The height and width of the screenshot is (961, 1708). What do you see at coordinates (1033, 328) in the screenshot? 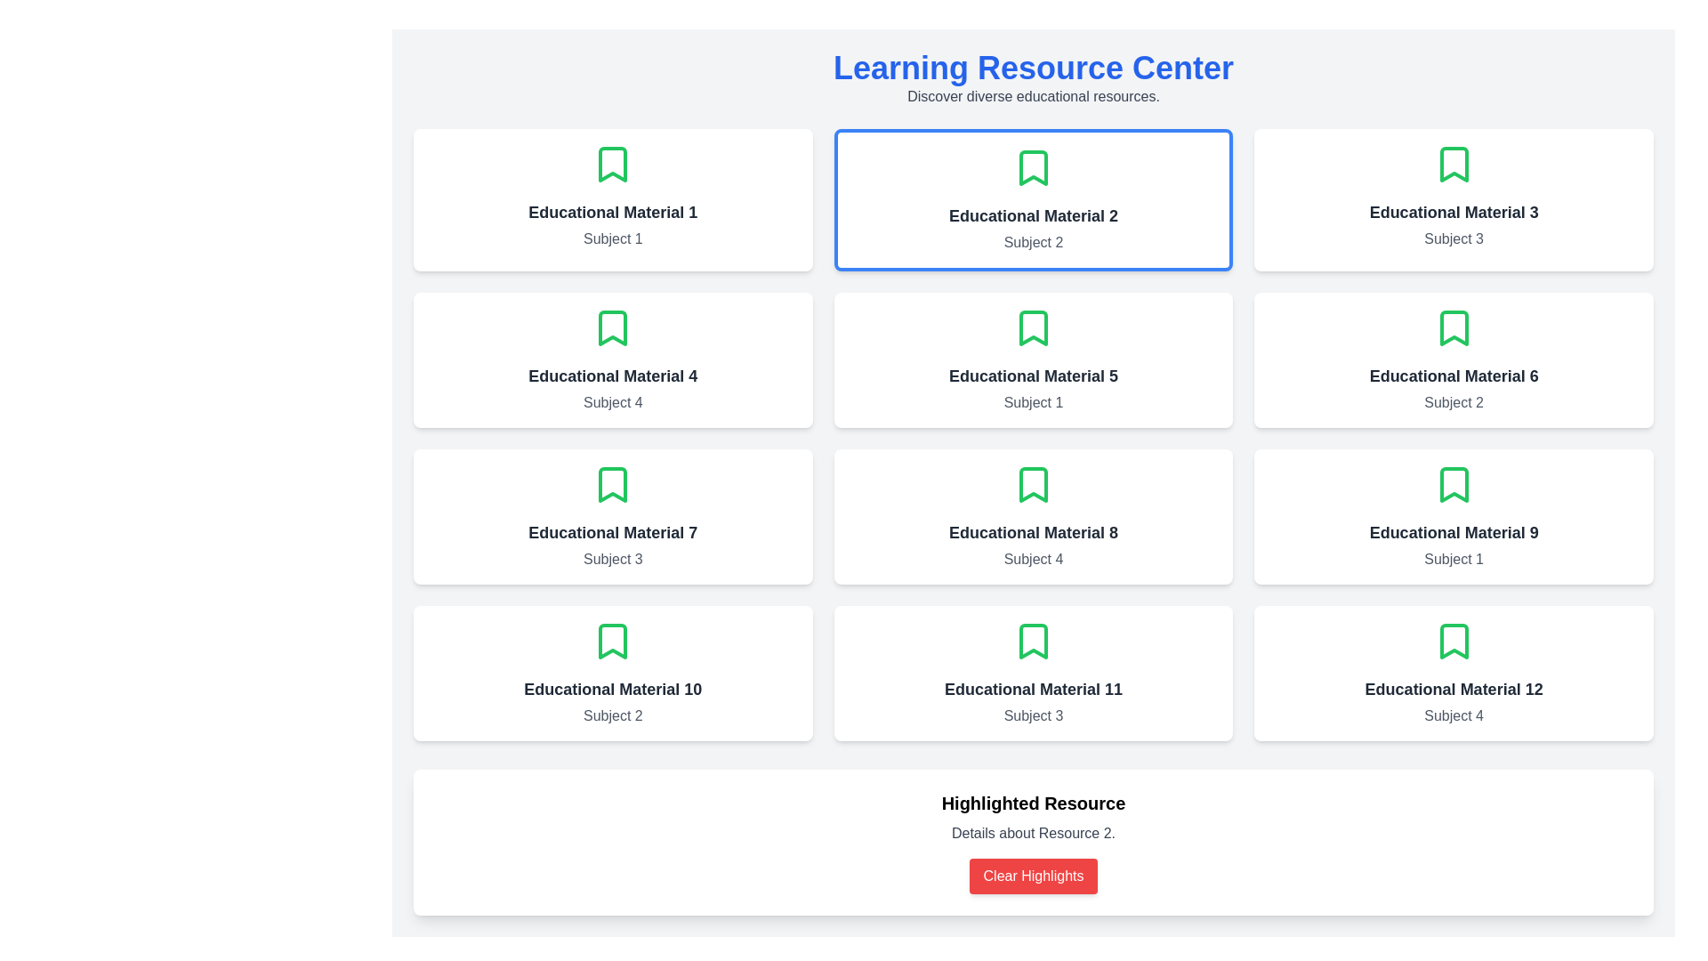
I see `the visual marker icon indicating saved educational material located within the card labeled 'Educational Material 5' in the second row, third column of the grid layout` at bounding box center [1033, 328].